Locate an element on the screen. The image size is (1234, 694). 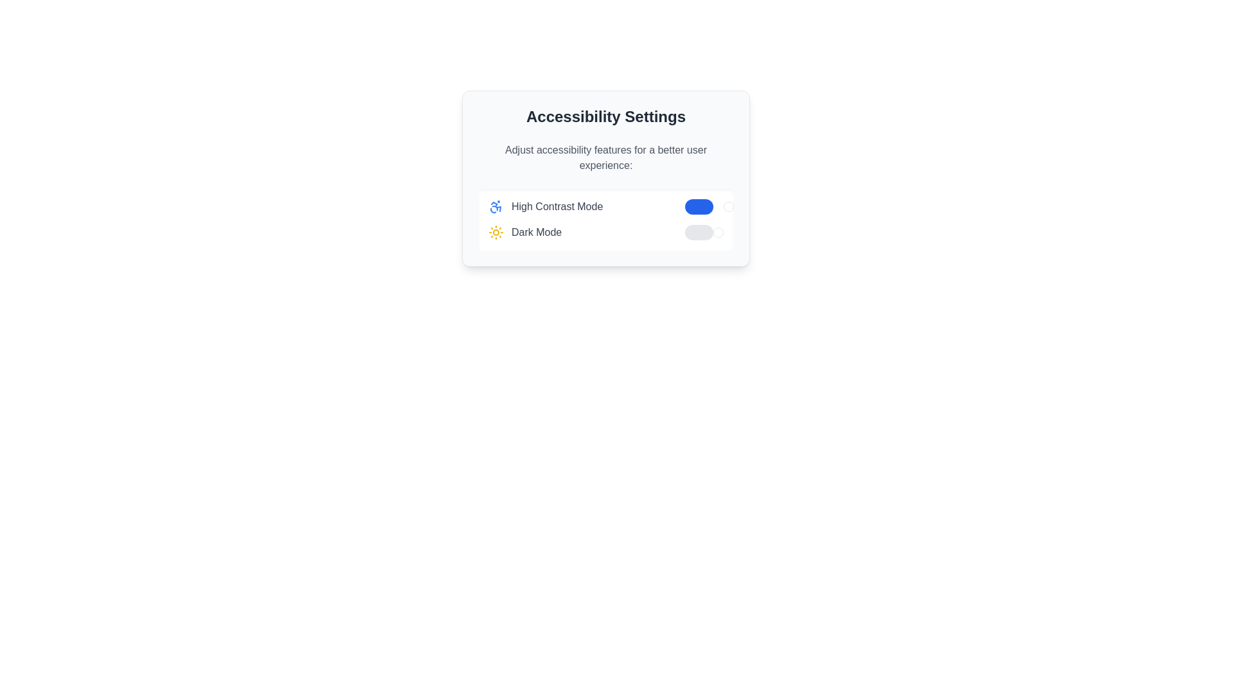
text label indicating the function of the 'Dark Mode' toggle switch, which is positioned in the second row of the 'Accessibility Settings' dialog box, to the right of the sun icon is located at coordinates (537, 233).